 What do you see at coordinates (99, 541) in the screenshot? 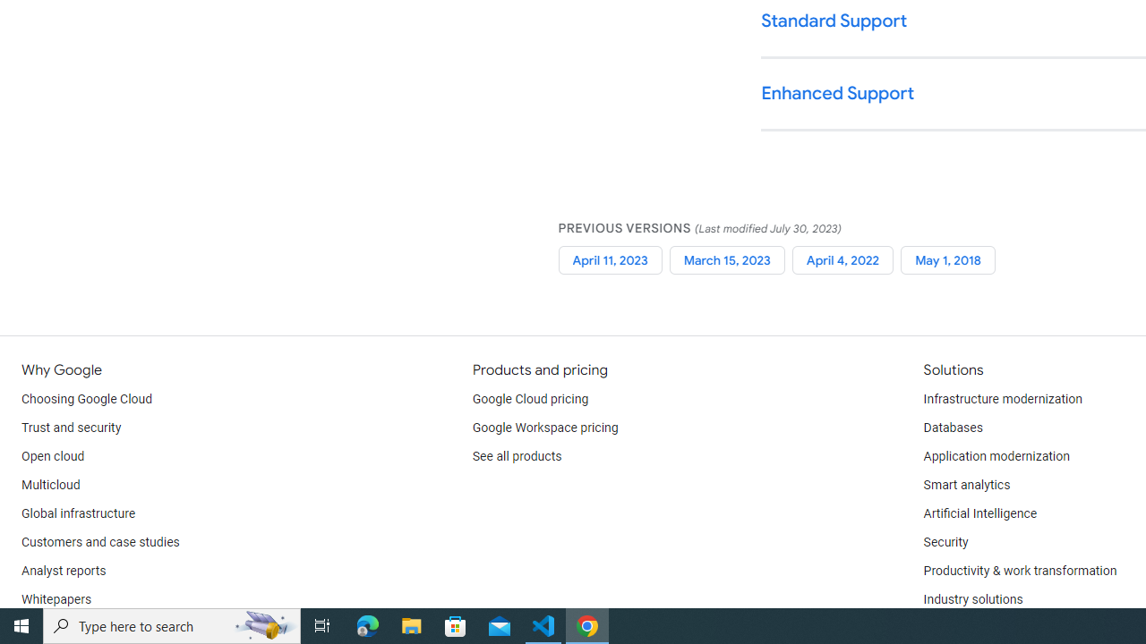
I see `'Customers and case studies'` at bounding box center [99, 541].